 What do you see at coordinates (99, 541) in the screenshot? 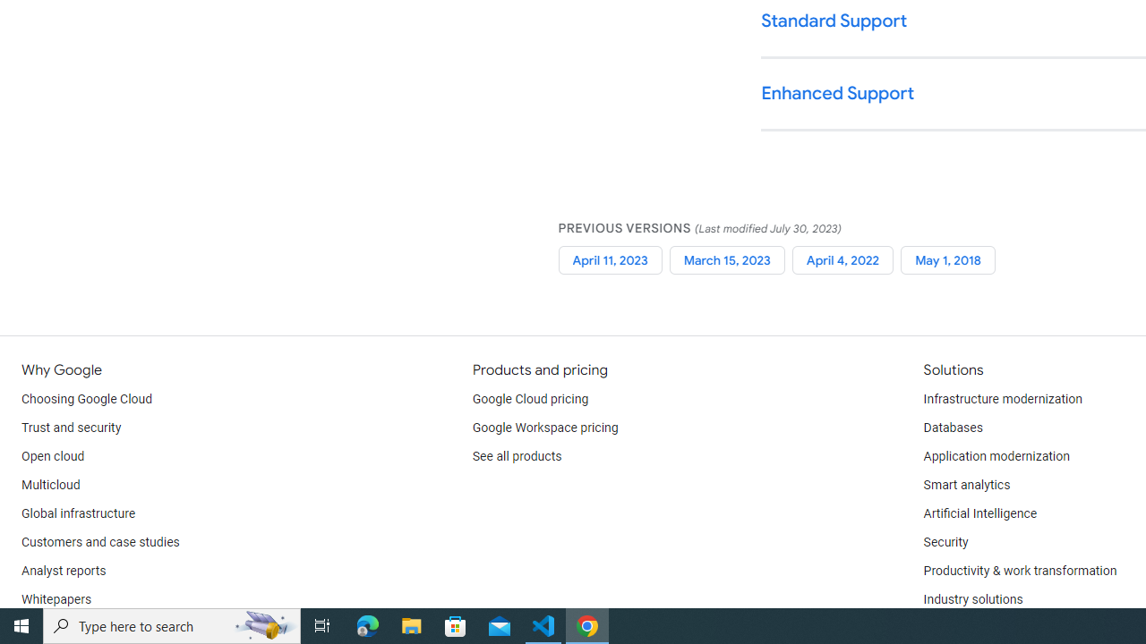
I see `'Customers and case studies'` at bounding box center [99, 541].